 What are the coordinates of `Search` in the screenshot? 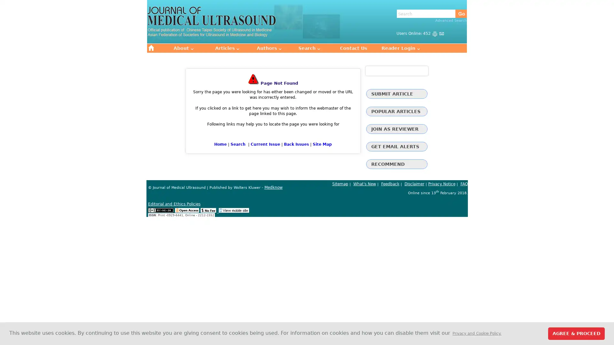 It's located at (461, 13).